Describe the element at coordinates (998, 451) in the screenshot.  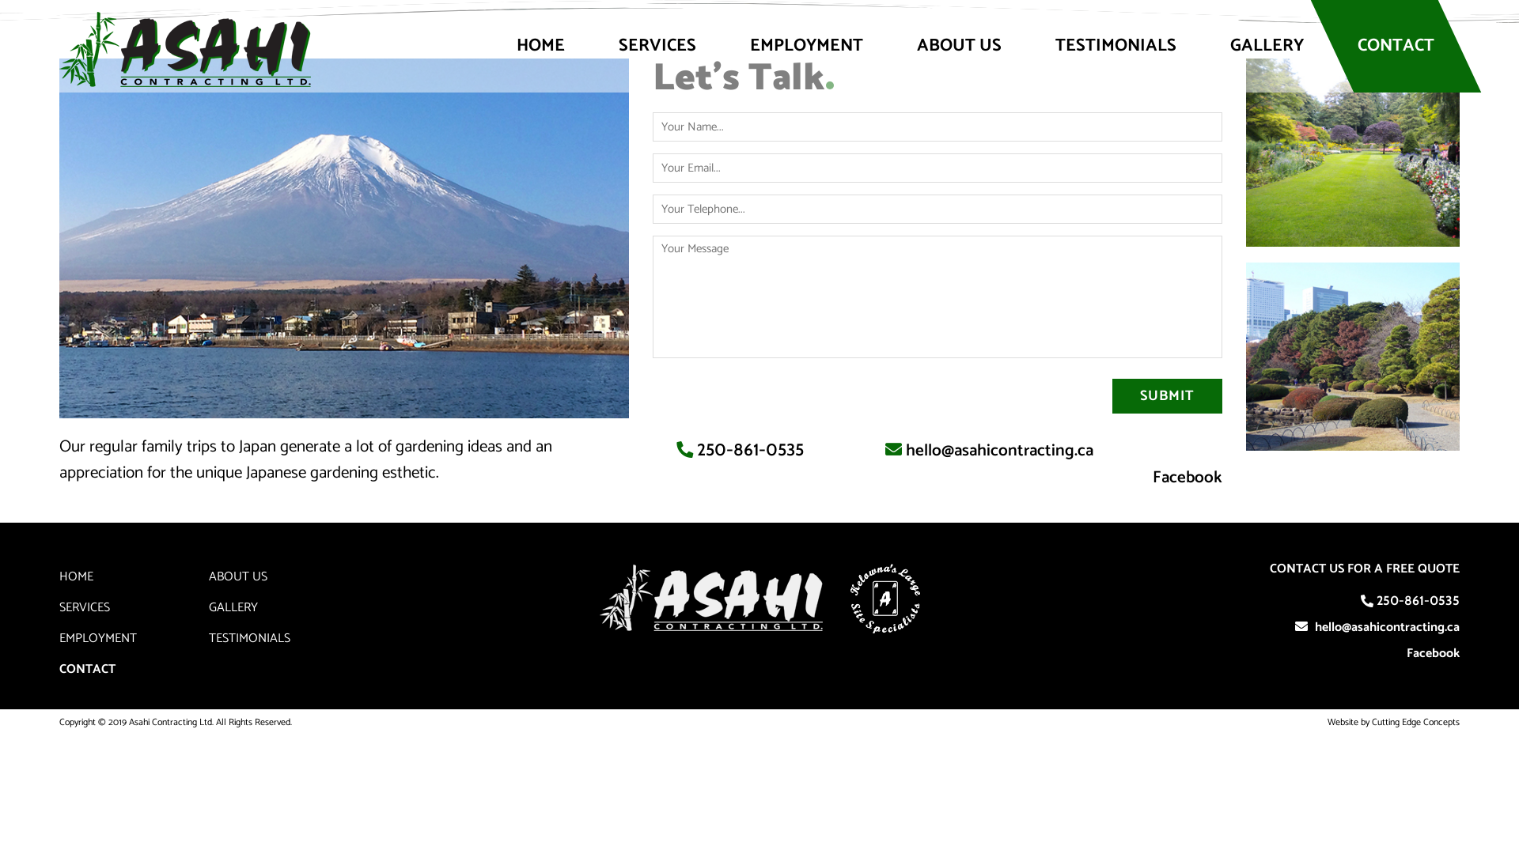
I see `'hello@asahicontracting.ca'` at that location.